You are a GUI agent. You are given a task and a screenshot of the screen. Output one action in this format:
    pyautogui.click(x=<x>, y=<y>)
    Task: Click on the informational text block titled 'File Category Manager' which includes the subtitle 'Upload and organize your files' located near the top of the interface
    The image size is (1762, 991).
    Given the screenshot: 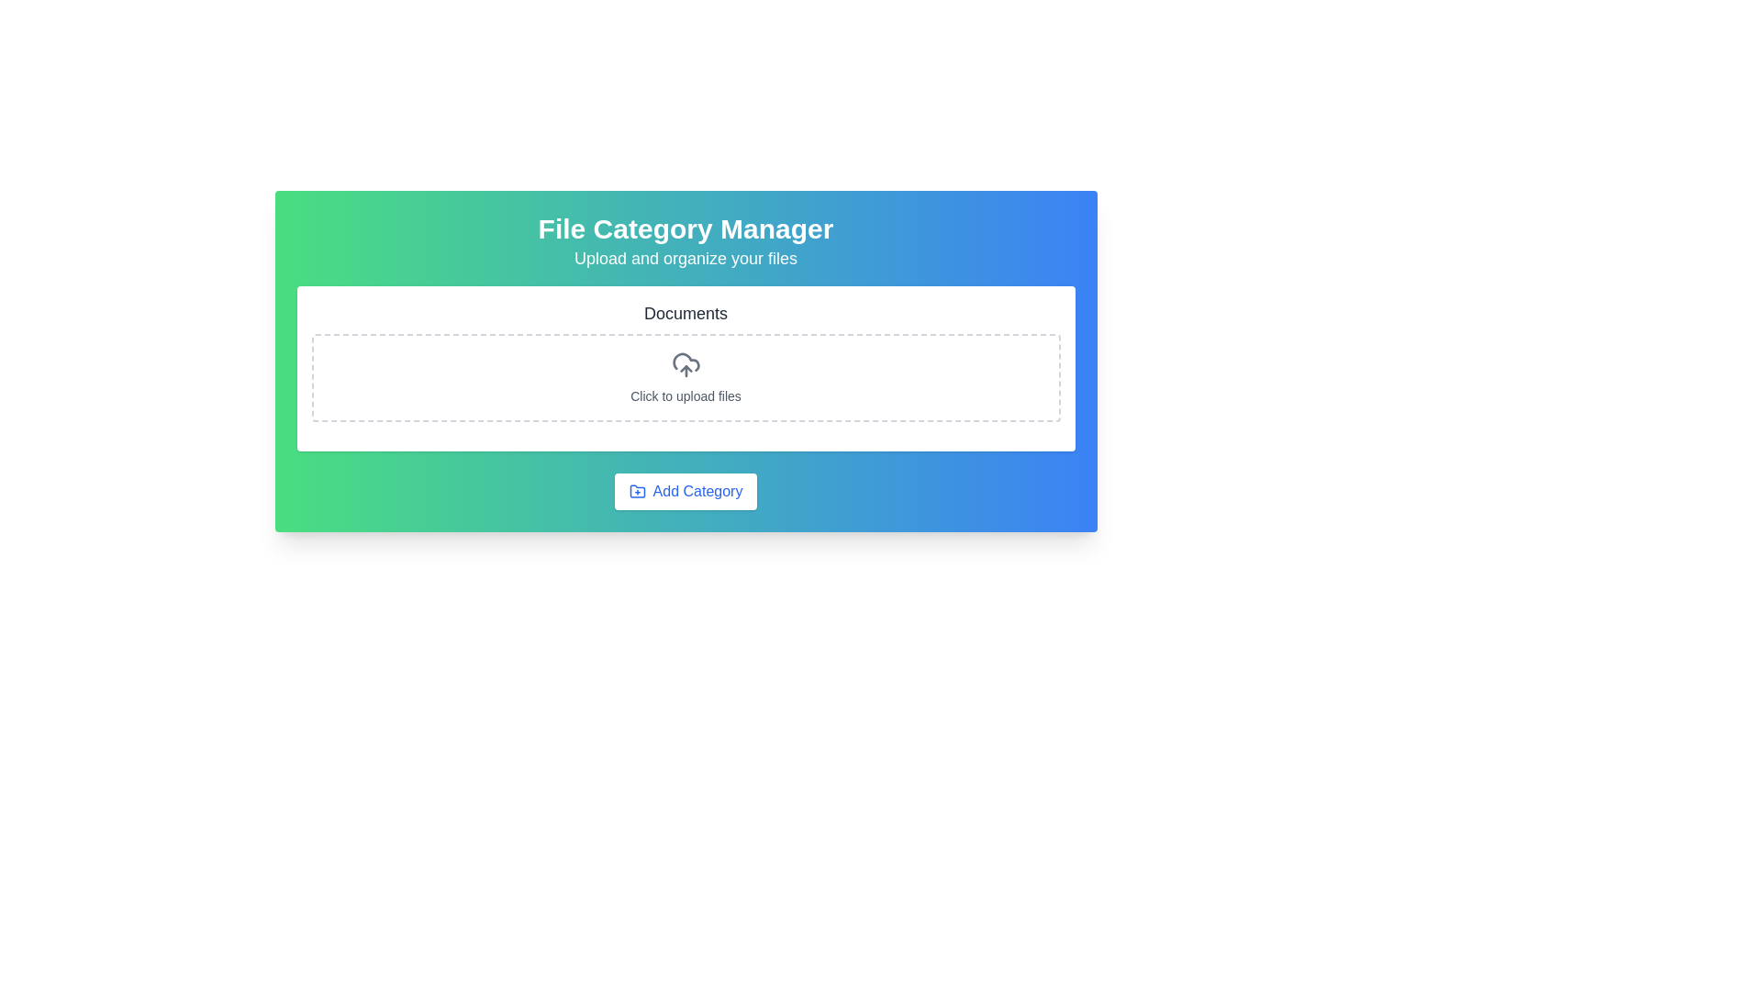 What is the action you would take?
    pyautogui.click(x=685, y=240)
    